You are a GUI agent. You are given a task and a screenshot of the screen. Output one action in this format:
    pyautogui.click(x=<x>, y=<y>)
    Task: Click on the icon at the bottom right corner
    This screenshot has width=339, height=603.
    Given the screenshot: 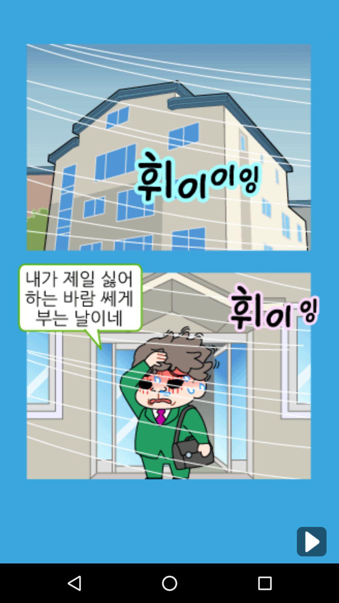 What is the action you would take?
    pyautogui.click(x=311, y=541)
    